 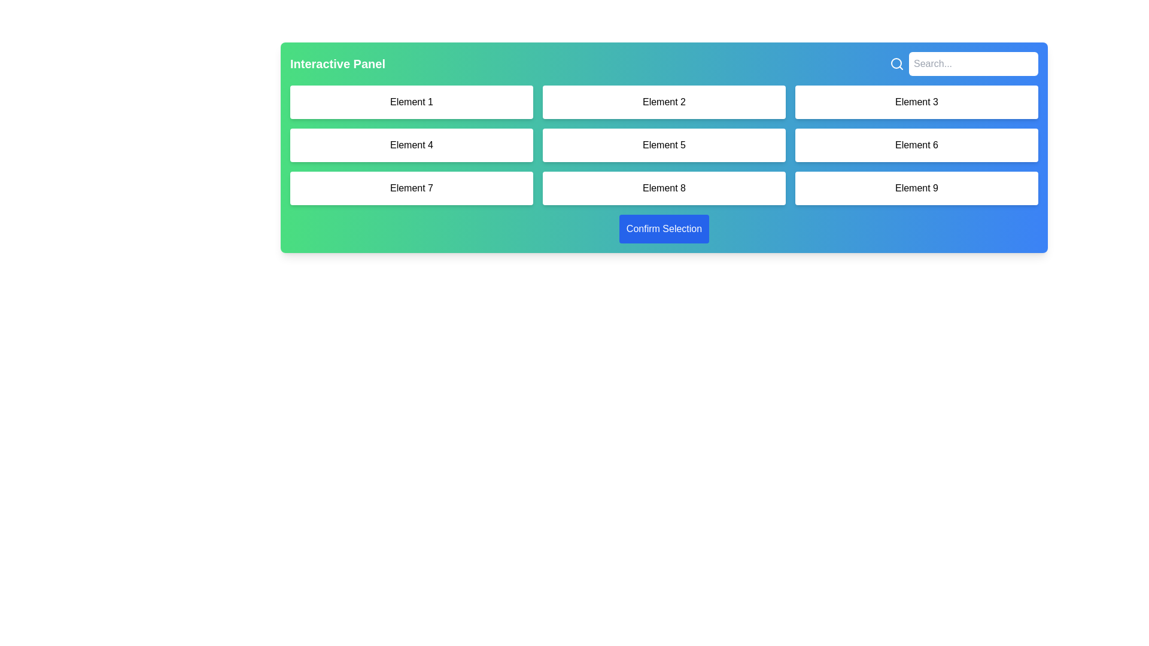 I want to click on the button labeled 'Element 8', which is a rectangular button with a white background and black text, located in the bottom row, middle column of a 3x3 grid layout, so click(x=663, y=188).